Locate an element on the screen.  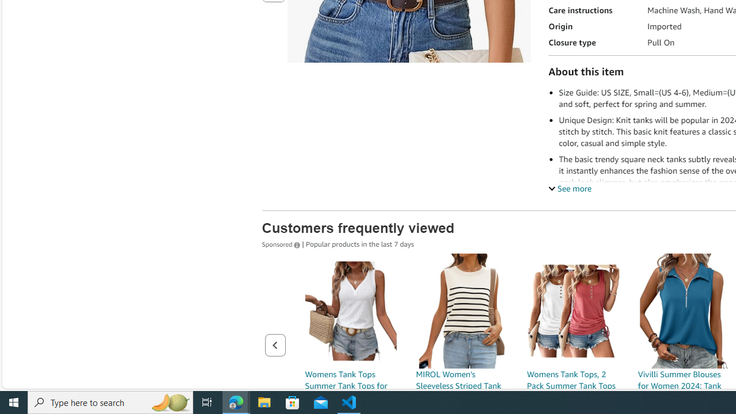
'Previous page of related Sponsored Products' is located at coordinates (274, 344).